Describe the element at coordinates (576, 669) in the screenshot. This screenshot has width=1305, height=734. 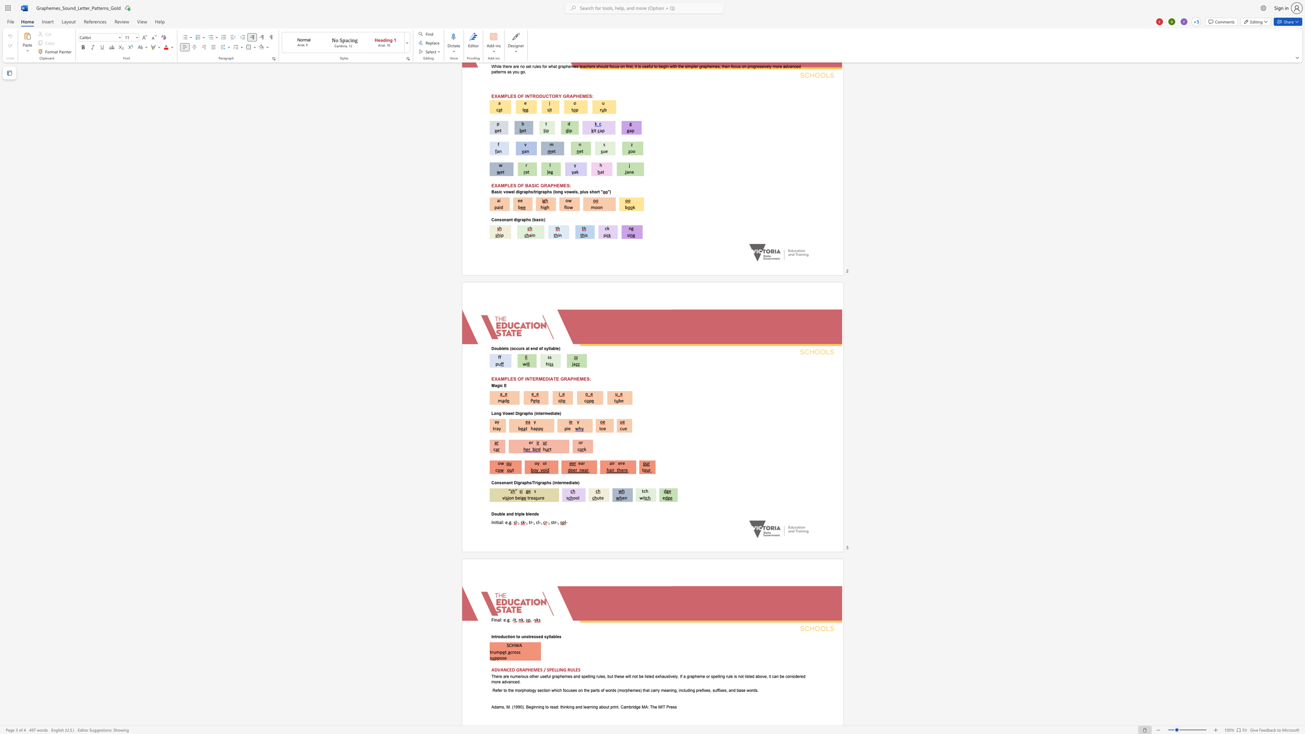
I see `the 5th character "E" in the text` at that location.